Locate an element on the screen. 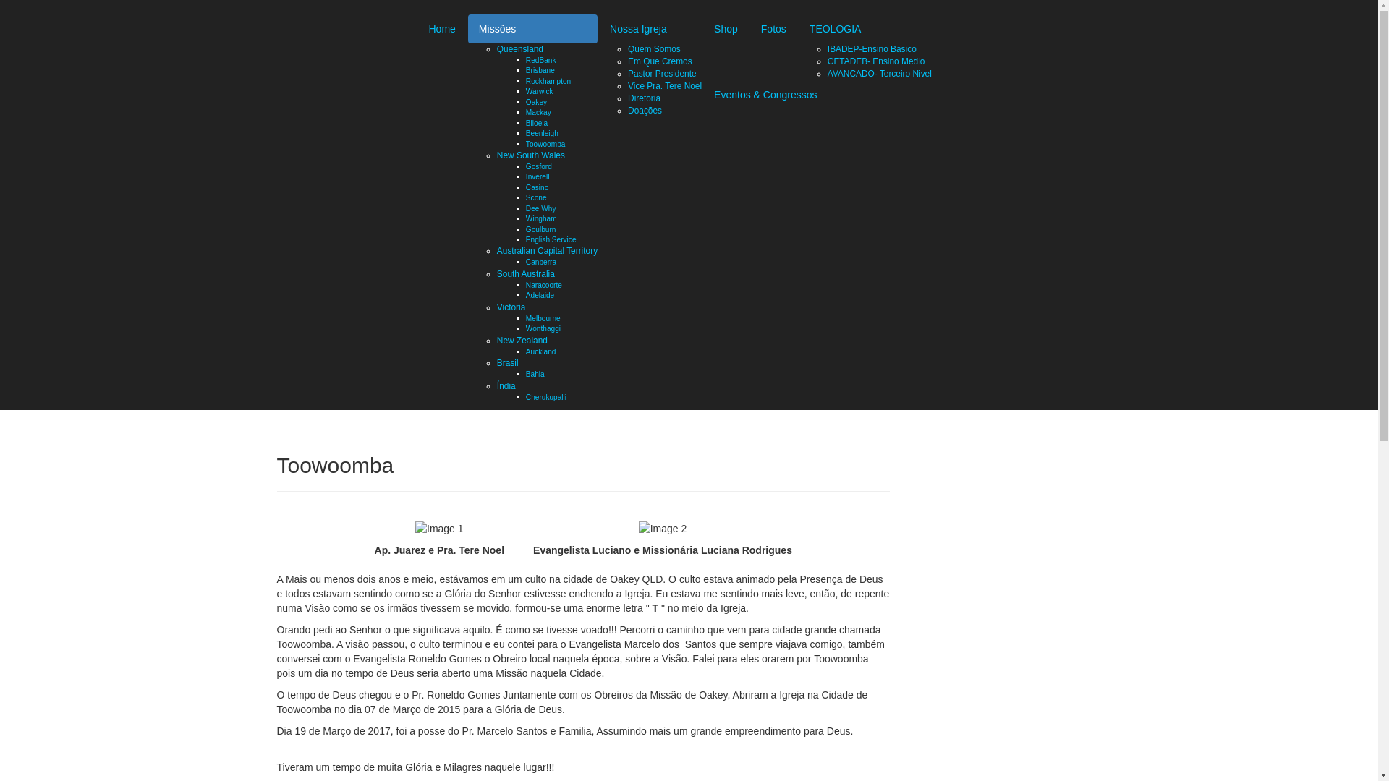  'Victoria' is located at coordinates (511, 306).